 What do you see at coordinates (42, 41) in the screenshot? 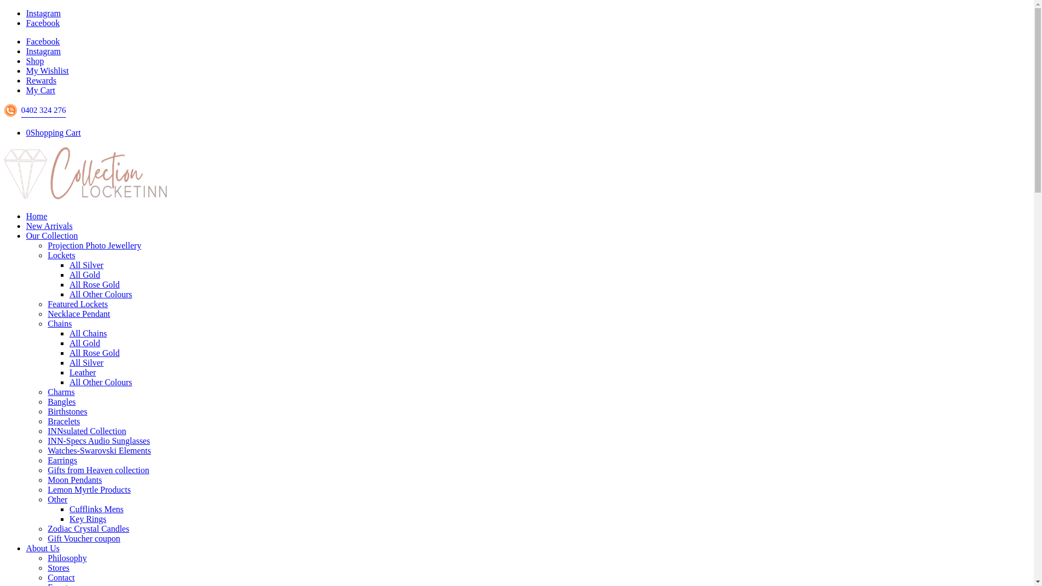
I see `'Facebook'` at bounding box center [42, 41].